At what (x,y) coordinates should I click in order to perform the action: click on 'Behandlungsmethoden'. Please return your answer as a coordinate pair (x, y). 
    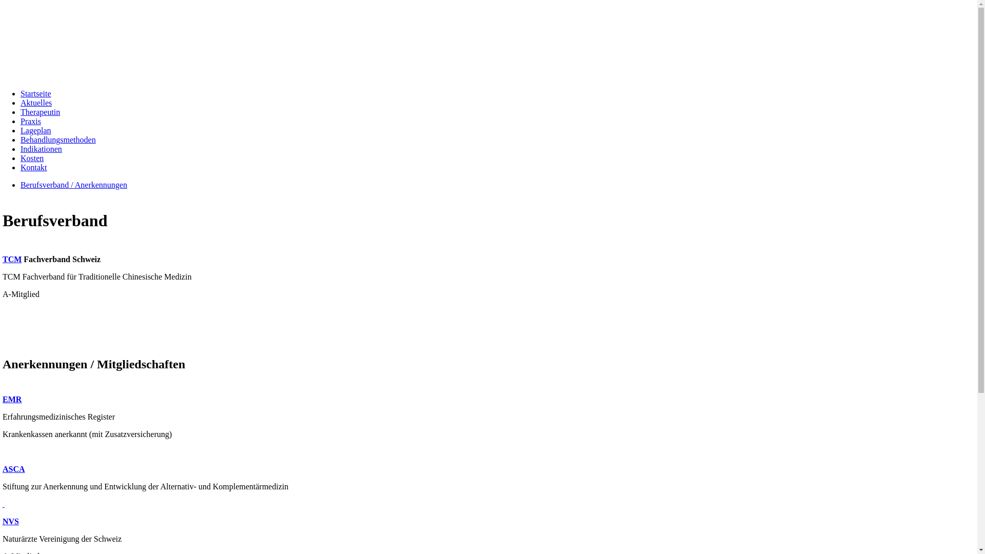
    Looking at the image, I should click on (57, 140).